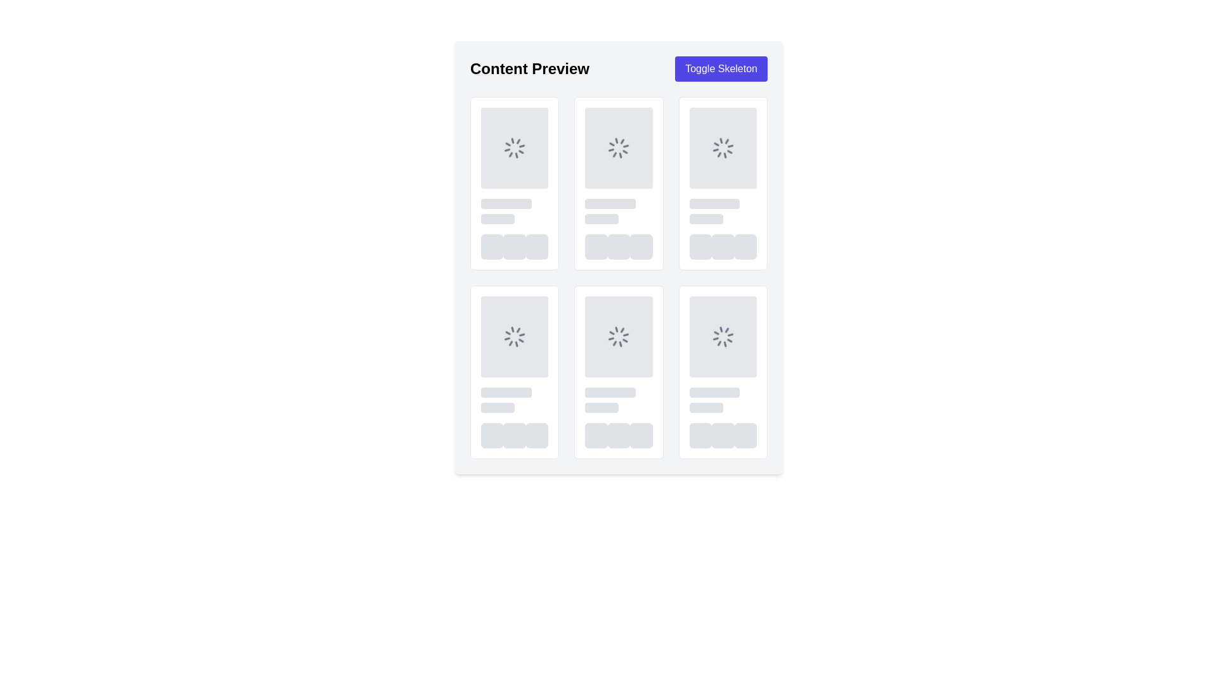 The image size is (1217, 684). I want to click on the loading spinner icon located in the second row and third column of the grid in the Content Preview layout, which serves as a visual indicator for loading or processing state, so click(723, 336).